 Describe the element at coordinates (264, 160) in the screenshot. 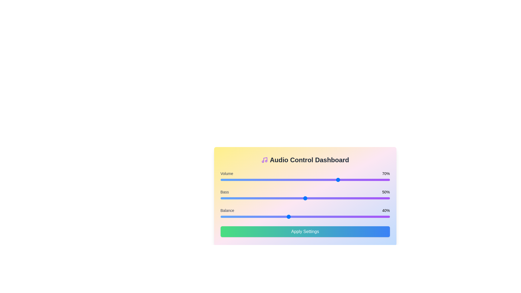

I see `the purple musical note icon located to the left of the 'Audio Control Dashboard' text` at that location.